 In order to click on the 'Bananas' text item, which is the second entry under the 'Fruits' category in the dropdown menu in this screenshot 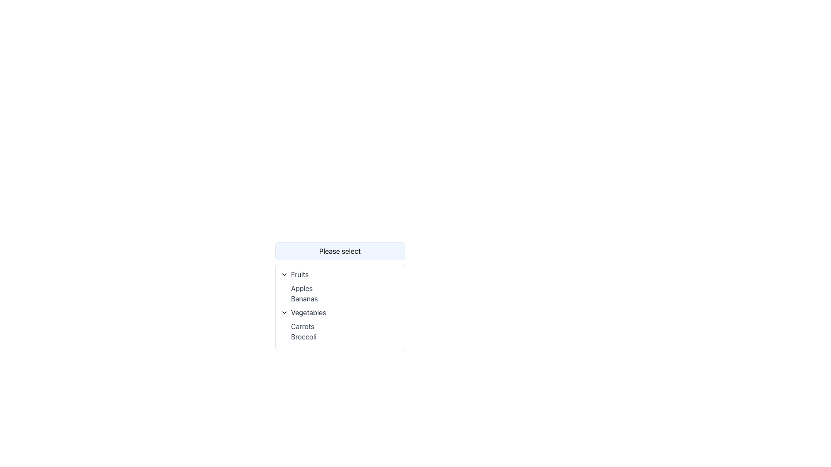, I will do `click(304, 298)`.